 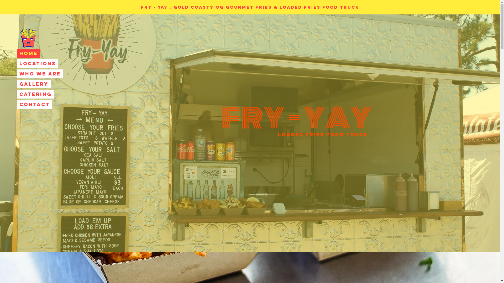 What do you see at coordinates (35, 94) in the screenshot?
I see `'Catering'` at bounding box center [35, 94].